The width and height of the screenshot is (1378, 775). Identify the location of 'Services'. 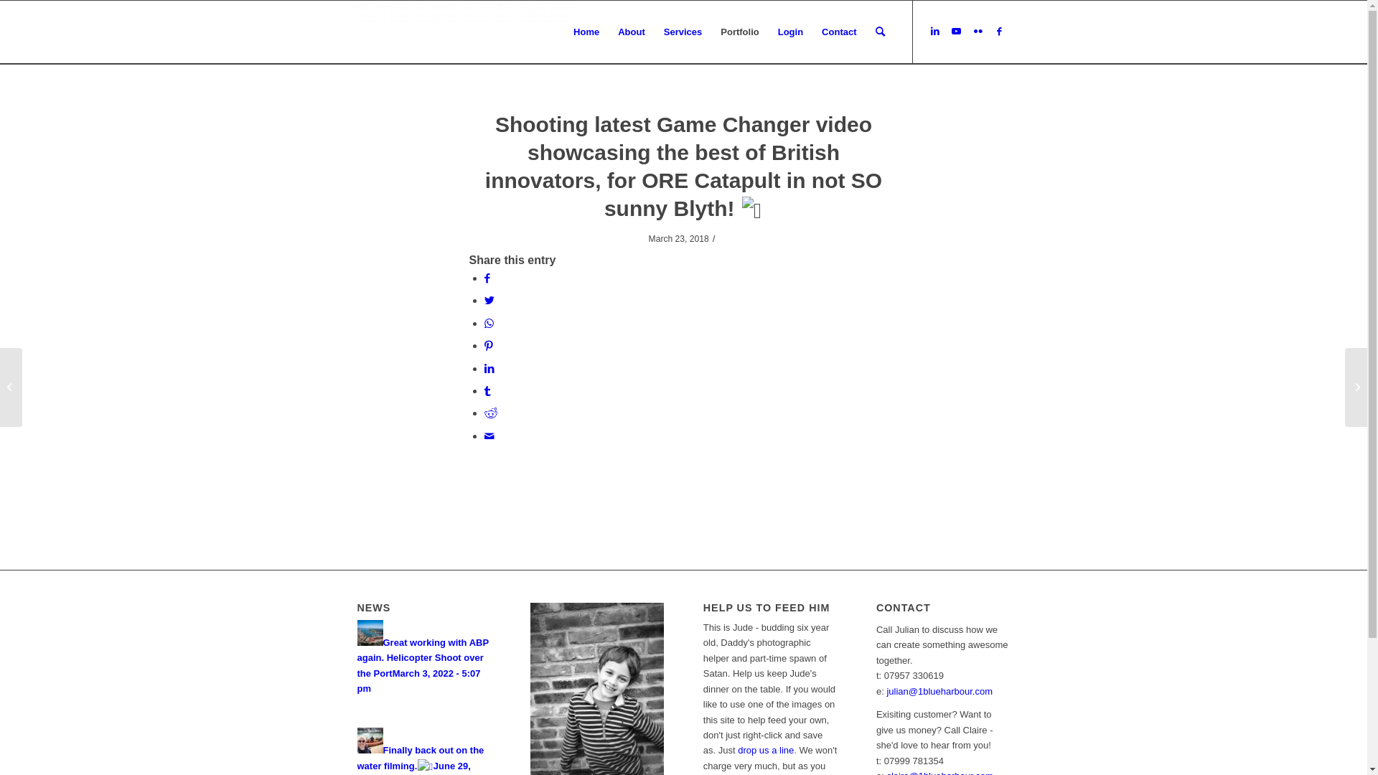
(682, 32).